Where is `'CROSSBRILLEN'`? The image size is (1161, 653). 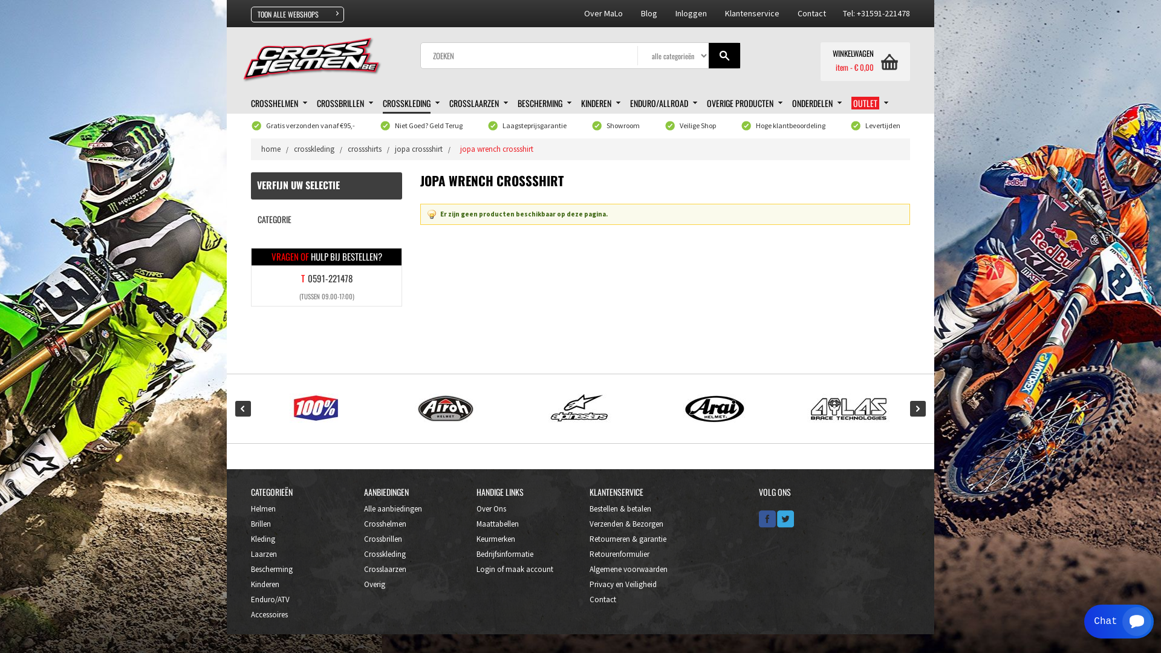
'CROSSBRILLEN' is located at coordinates (344, 102).